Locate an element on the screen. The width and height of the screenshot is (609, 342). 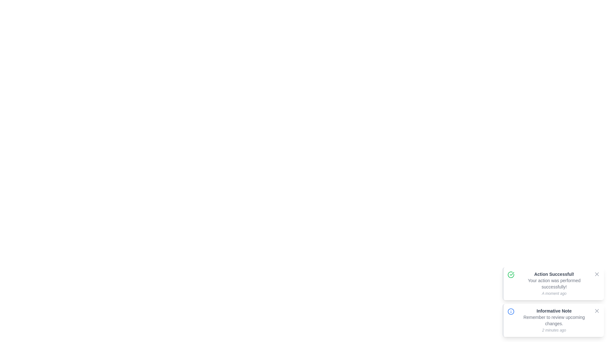
the notification of type info is located at coordinates (511, 311).